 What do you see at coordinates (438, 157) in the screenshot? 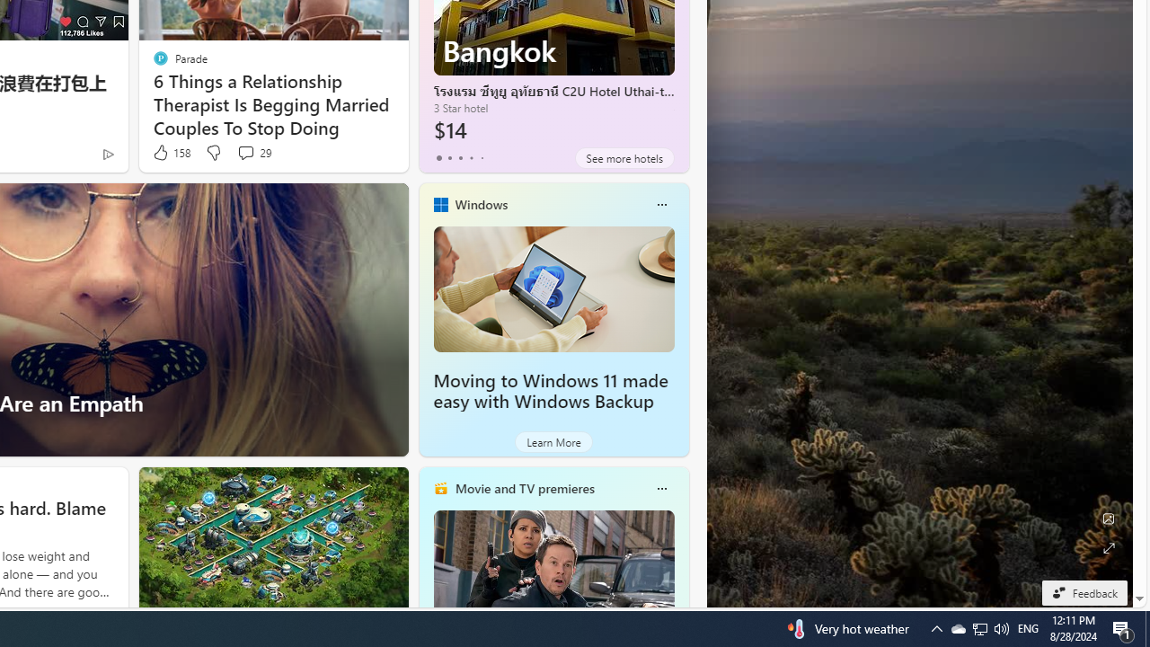
I see `'tab-0'` at bounding box center [438, 157].